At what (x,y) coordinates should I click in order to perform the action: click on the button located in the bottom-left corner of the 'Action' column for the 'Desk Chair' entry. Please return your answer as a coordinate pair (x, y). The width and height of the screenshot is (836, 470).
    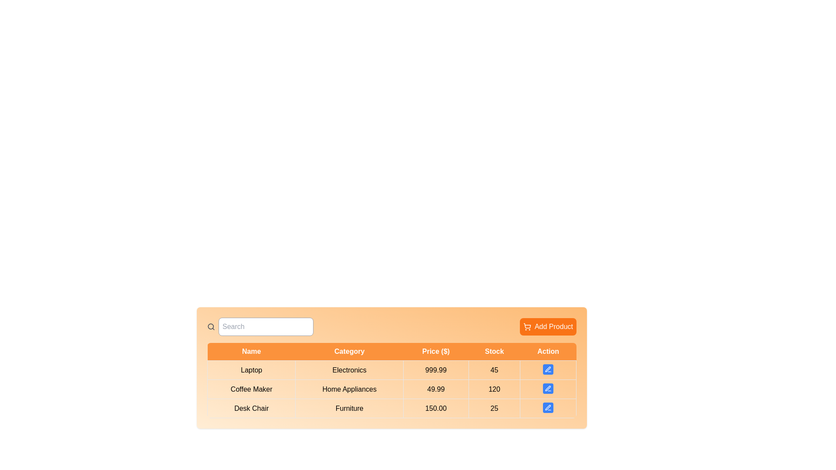
    Looking at the image, I should click on (547, 407).